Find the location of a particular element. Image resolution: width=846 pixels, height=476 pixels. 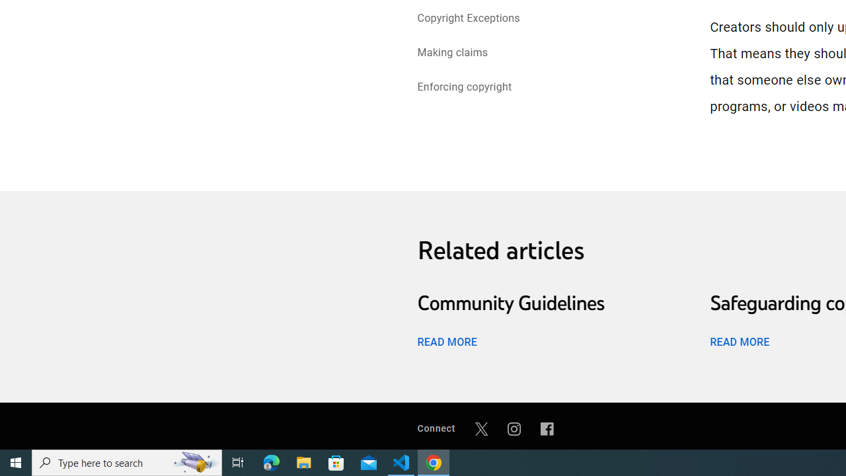

'Instagram' is located at coordinates (514, 428).